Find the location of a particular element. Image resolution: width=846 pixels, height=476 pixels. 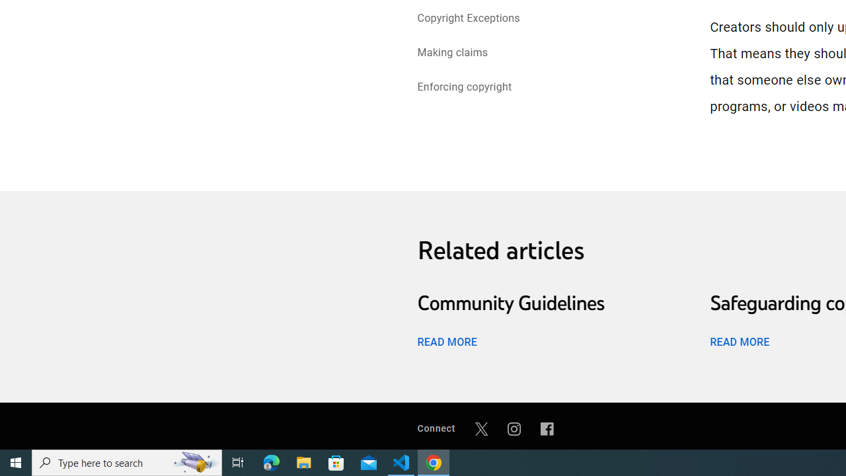

'Instagram' is located at coordinates (514, 428).